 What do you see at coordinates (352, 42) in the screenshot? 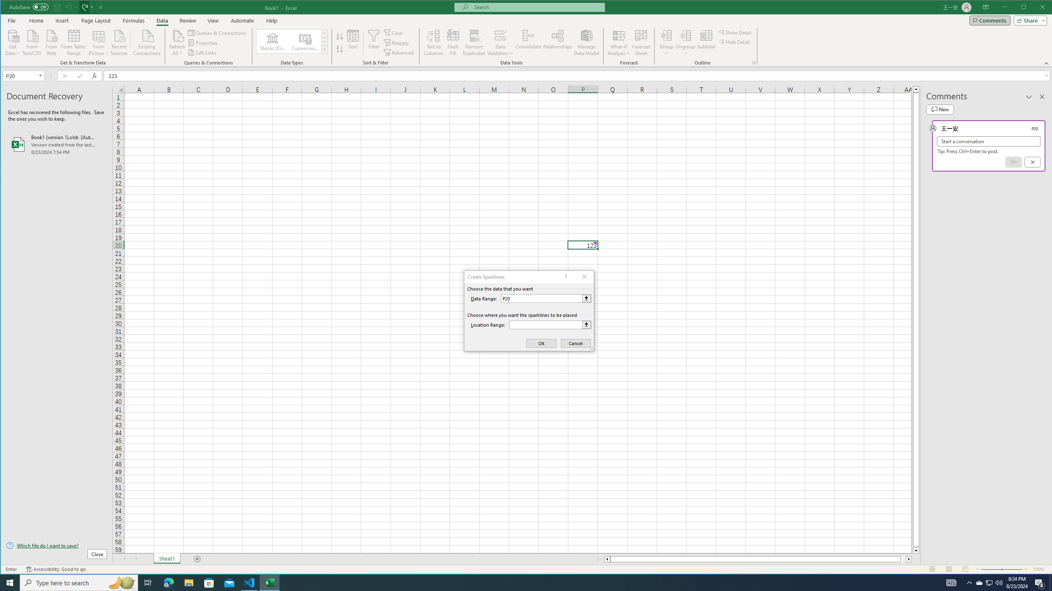
I see `'Sort...'` at bounding box center [352, 42].